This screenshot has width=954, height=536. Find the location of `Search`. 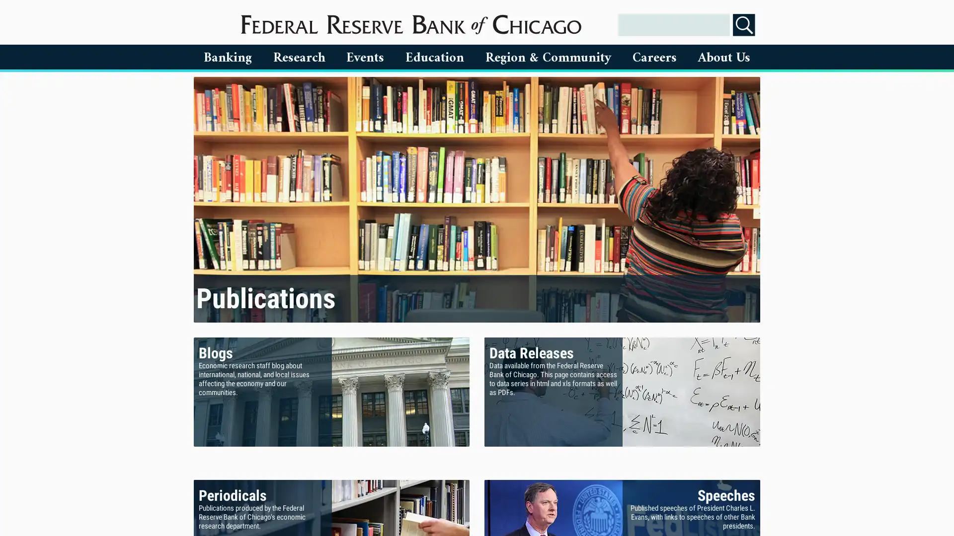

Search is located at coordinates (744, 24).